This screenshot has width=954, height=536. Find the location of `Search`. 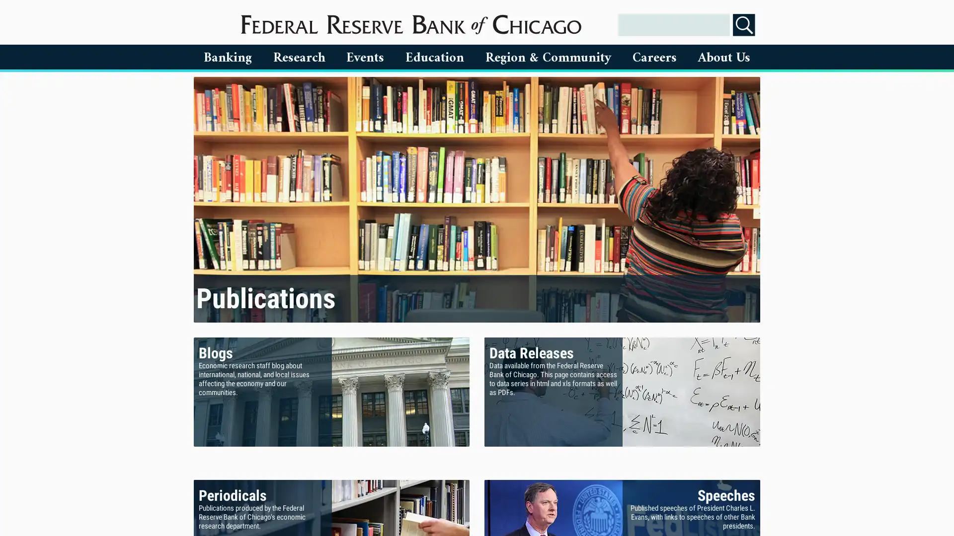

Search is located at coordinates (744, 24).